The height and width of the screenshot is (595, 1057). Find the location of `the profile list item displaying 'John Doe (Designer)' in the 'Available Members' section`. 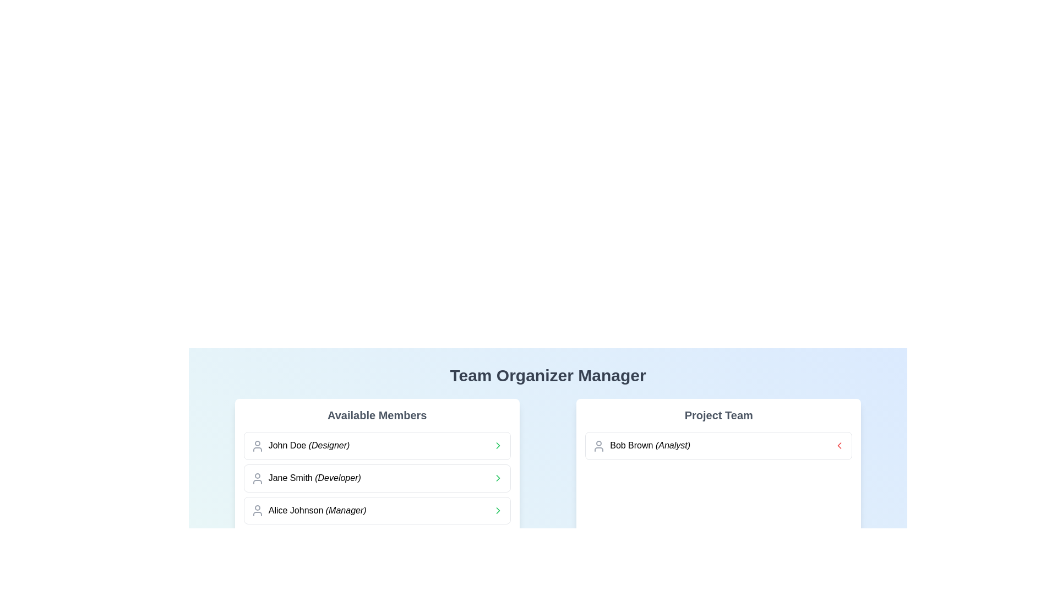

the profile list item displaying 'John Doe (Designer)' in the 'Available Members' section is located at coordinates (300, 445).